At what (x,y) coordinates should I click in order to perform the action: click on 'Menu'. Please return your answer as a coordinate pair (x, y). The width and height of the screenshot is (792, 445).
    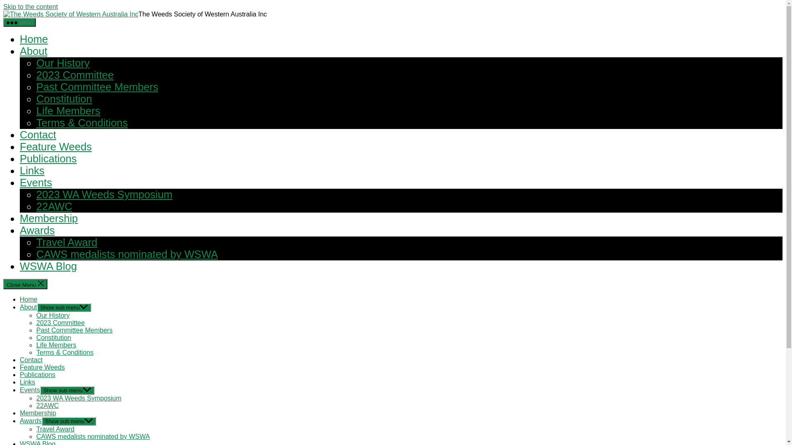
    Looking at the image, I should click on (19, 22).